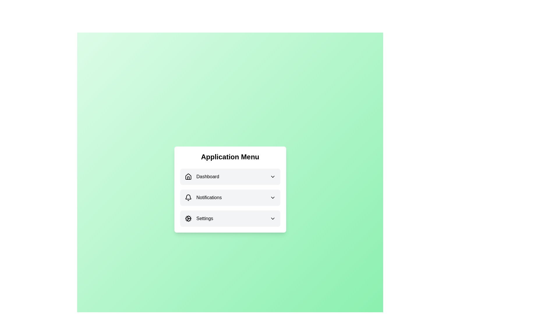 This screenshot has width=559, height=314. I want to click on the 'Dashboard' label in the application menu, so click(208, 176).